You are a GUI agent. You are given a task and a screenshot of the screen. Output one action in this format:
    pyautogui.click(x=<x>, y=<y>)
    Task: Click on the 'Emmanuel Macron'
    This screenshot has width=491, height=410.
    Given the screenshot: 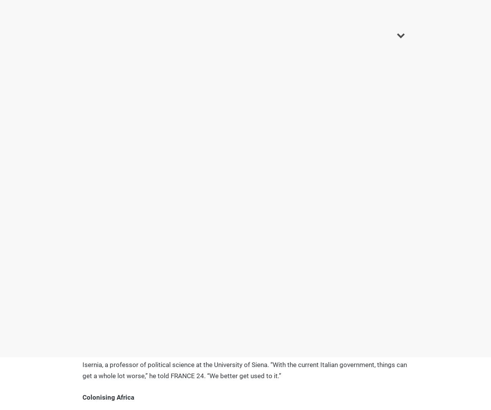 What is the action you would take?
    pyautogui.click(x=148, y=155)
    